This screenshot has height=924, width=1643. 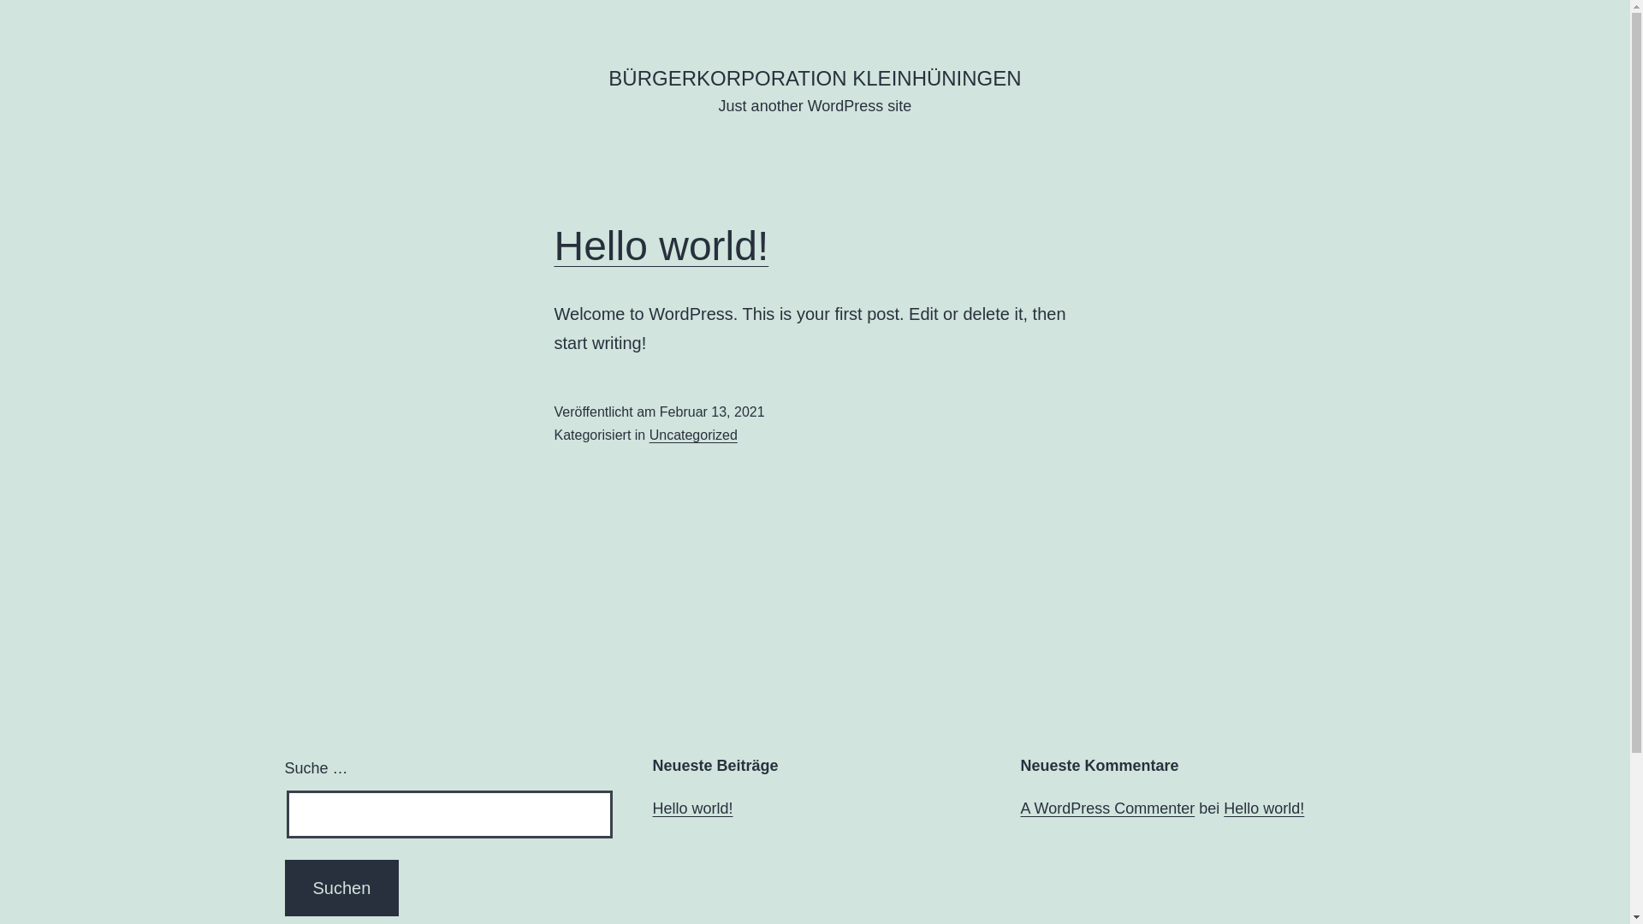 What do you see at coordinates (1264, 808) in the screenshot?
I see `'Hello world!'` at bounding box center [1264, 808].